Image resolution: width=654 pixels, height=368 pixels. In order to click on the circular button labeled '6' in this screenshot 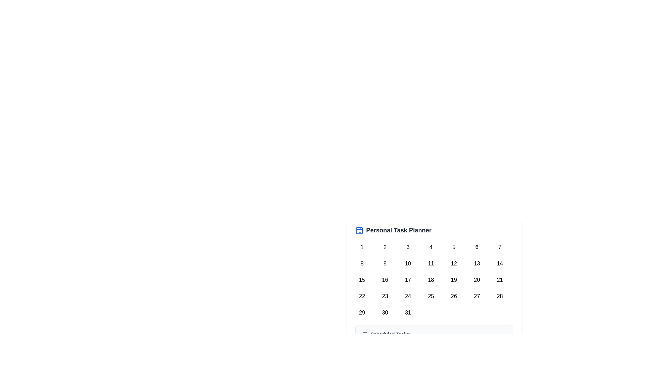, I will do `click(477, 247)`.